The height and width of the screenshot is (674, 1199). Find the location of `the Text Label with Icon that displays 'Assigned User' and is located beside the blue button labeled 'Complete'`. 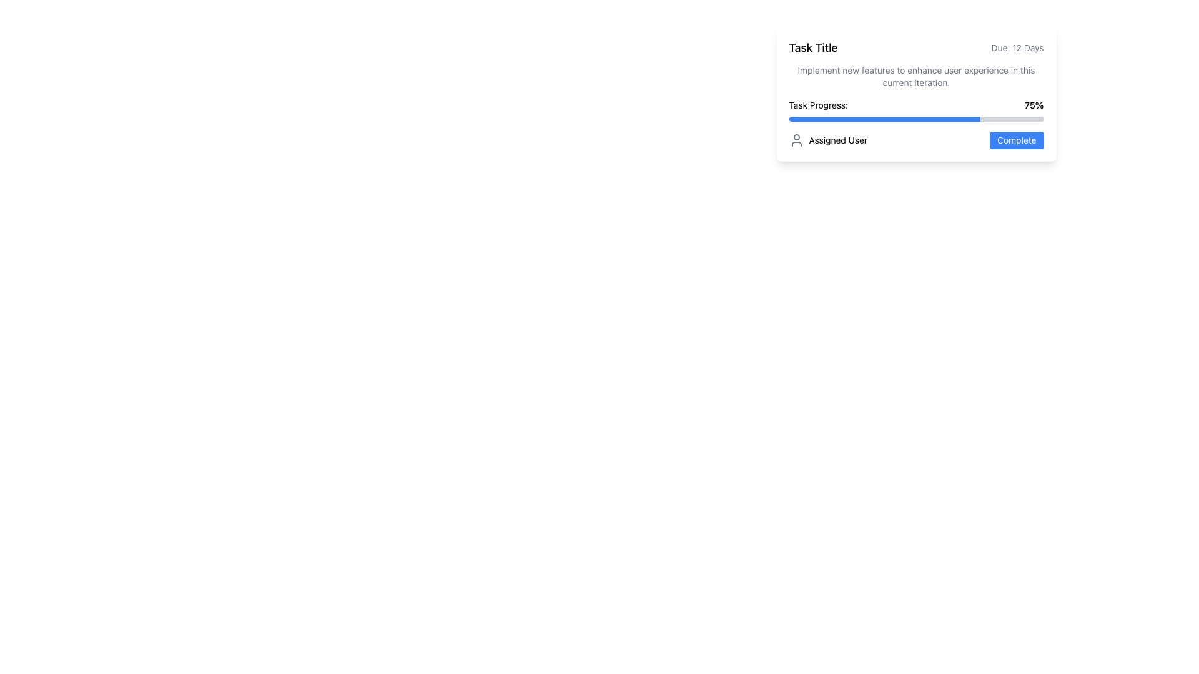

the Text Label with Icon that displays 'Assigned User' and is located beside the blue button labeled 'Complete' is located at coordinates (828, 140).